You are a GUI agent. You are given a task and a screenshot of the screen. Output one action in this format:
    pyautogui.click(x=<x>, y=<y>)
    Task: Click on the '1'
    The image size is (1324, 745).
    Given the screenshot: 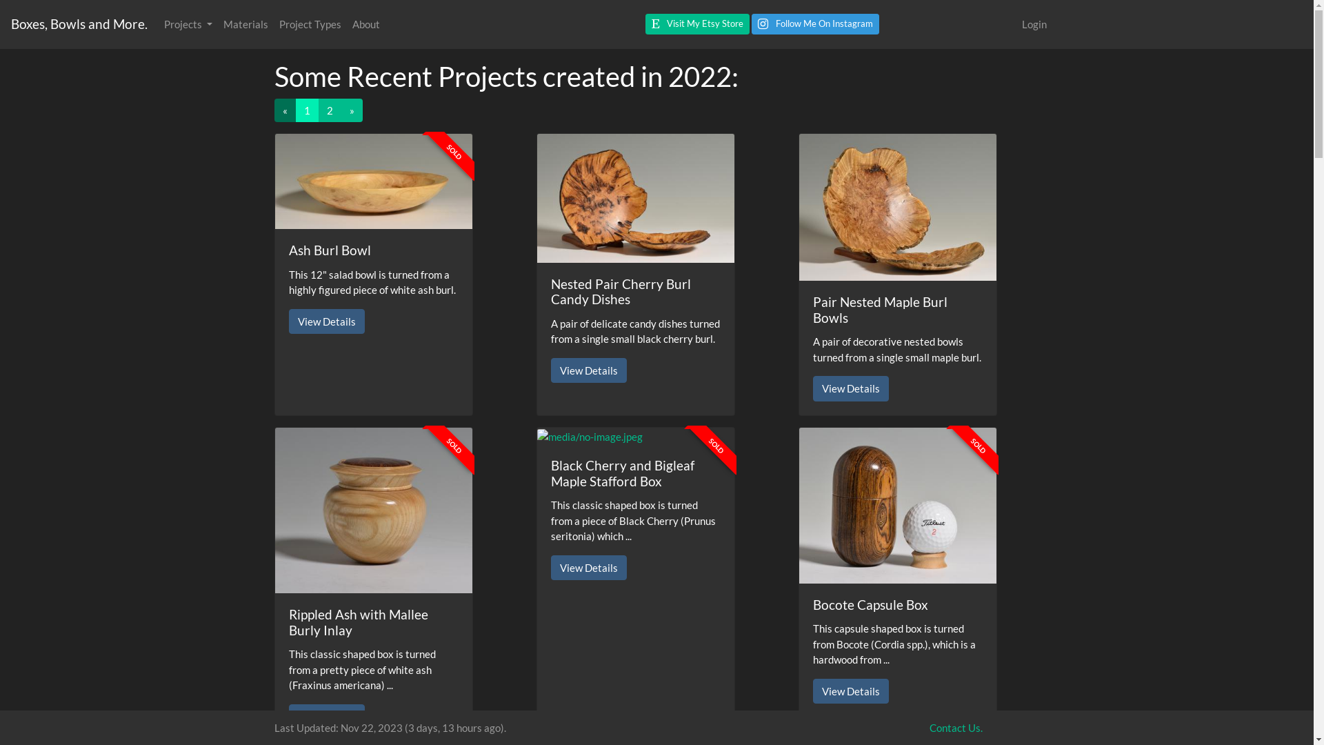 What is the action you would take?
    pyautogui.click(x=294, y=109)
    